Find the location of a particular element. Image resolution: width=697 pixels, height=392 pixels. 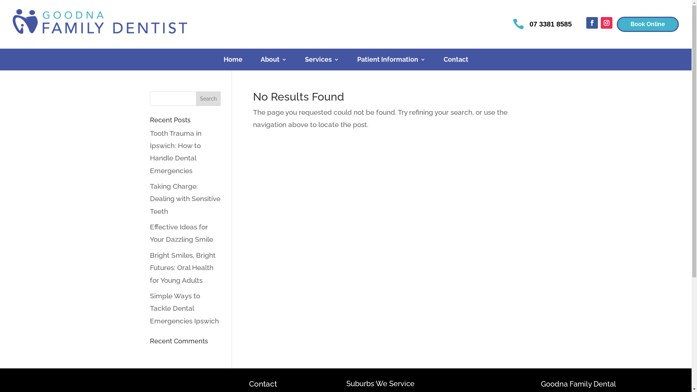

'Patient Information' is located at coordinates (357, 61).